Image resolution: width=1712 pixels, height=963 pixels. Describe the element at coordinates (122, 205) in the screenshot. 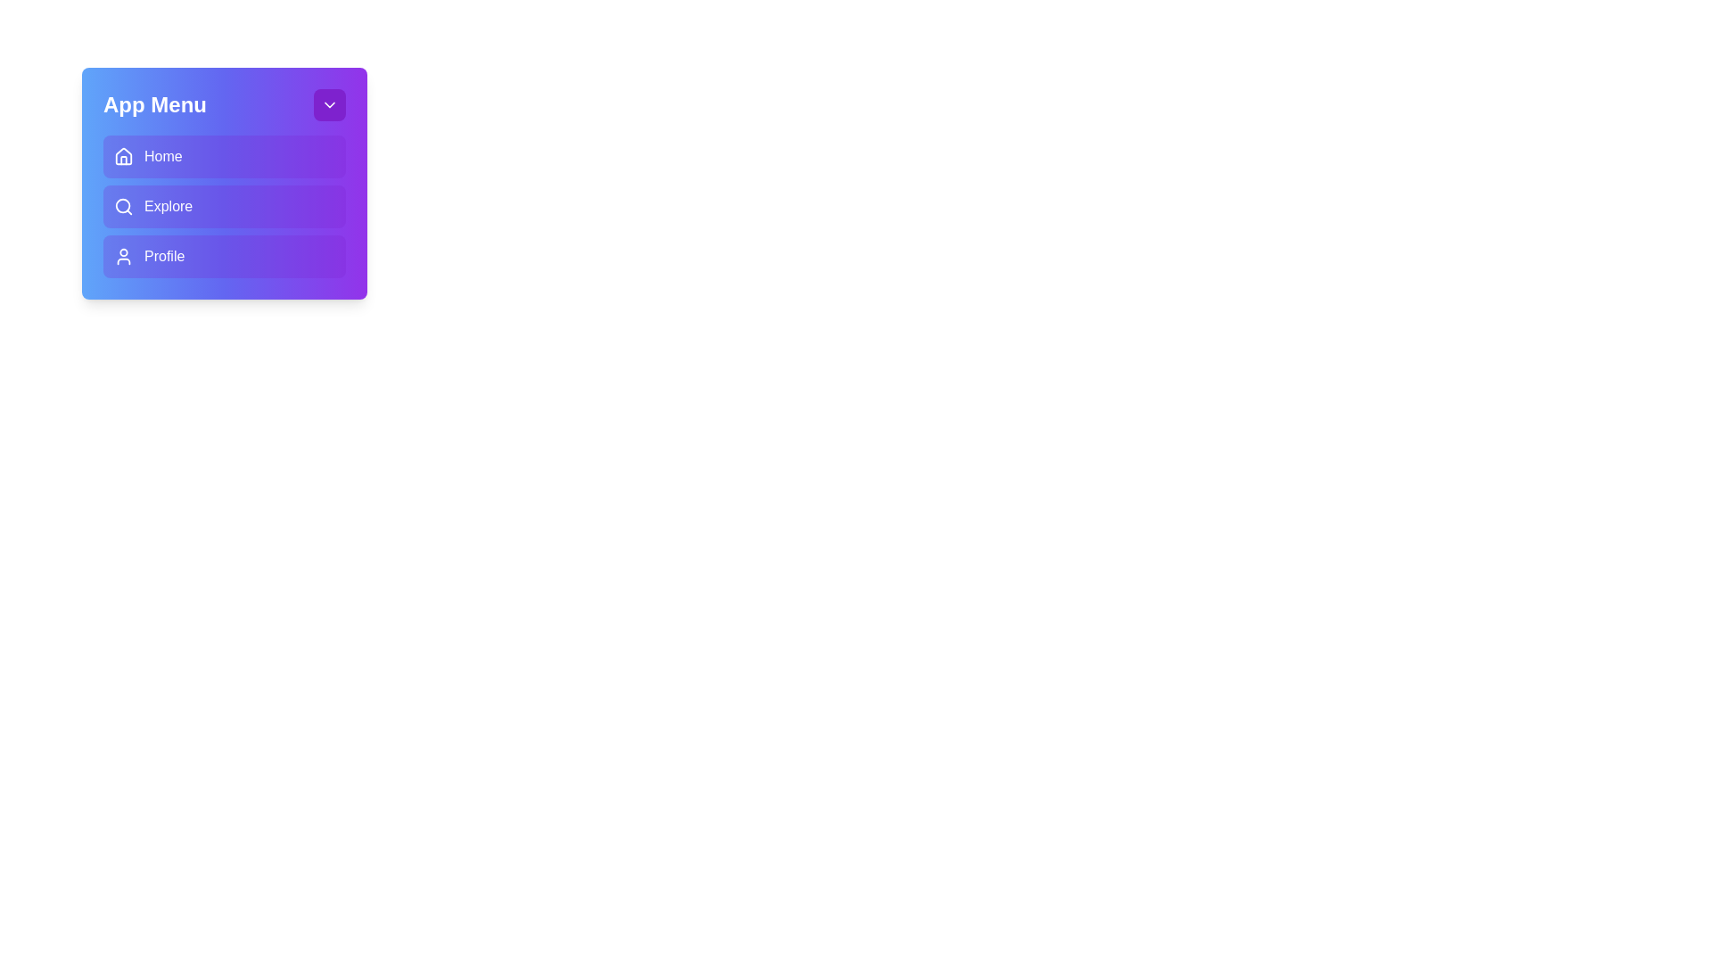

I see `the inner circular part of the search icon, which represents the lens area of the magnifying glass` at that location.